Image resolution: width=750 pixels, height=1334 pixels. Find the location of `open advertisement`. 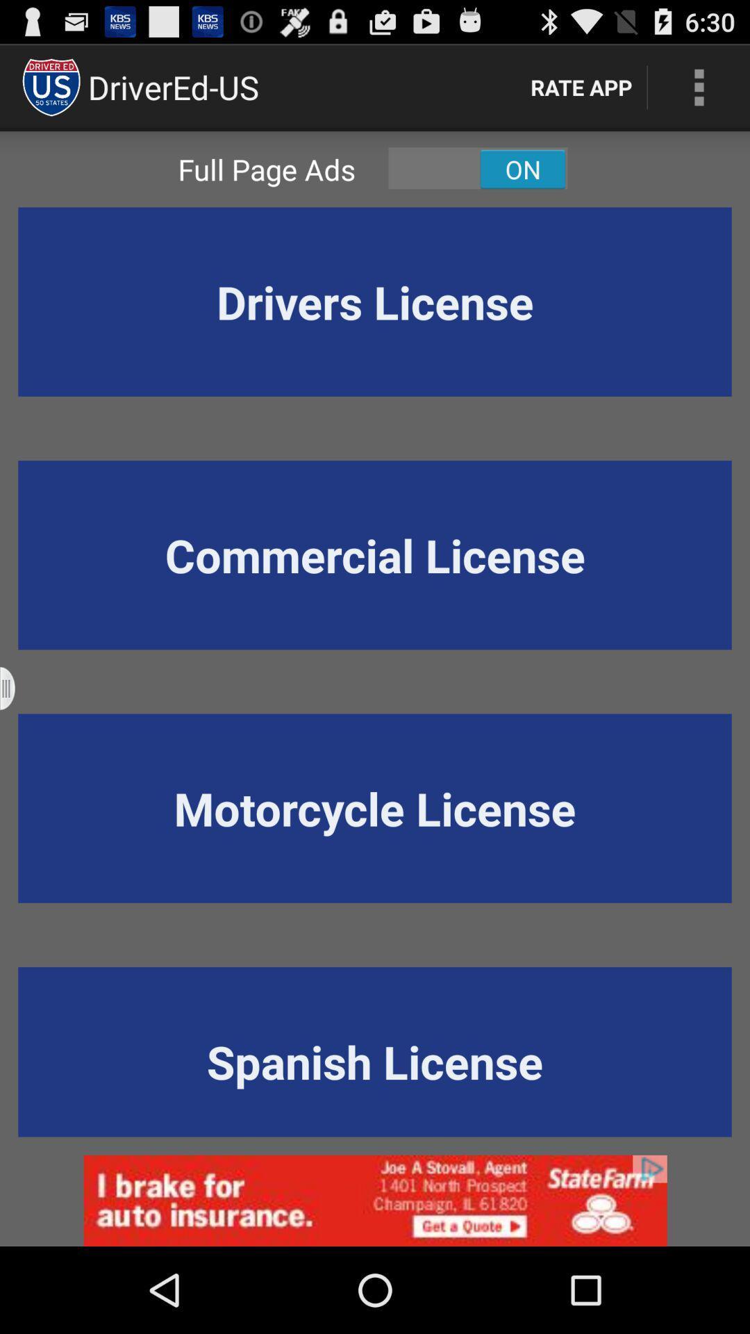

open advertisement is located at coordinates (375, 1200).